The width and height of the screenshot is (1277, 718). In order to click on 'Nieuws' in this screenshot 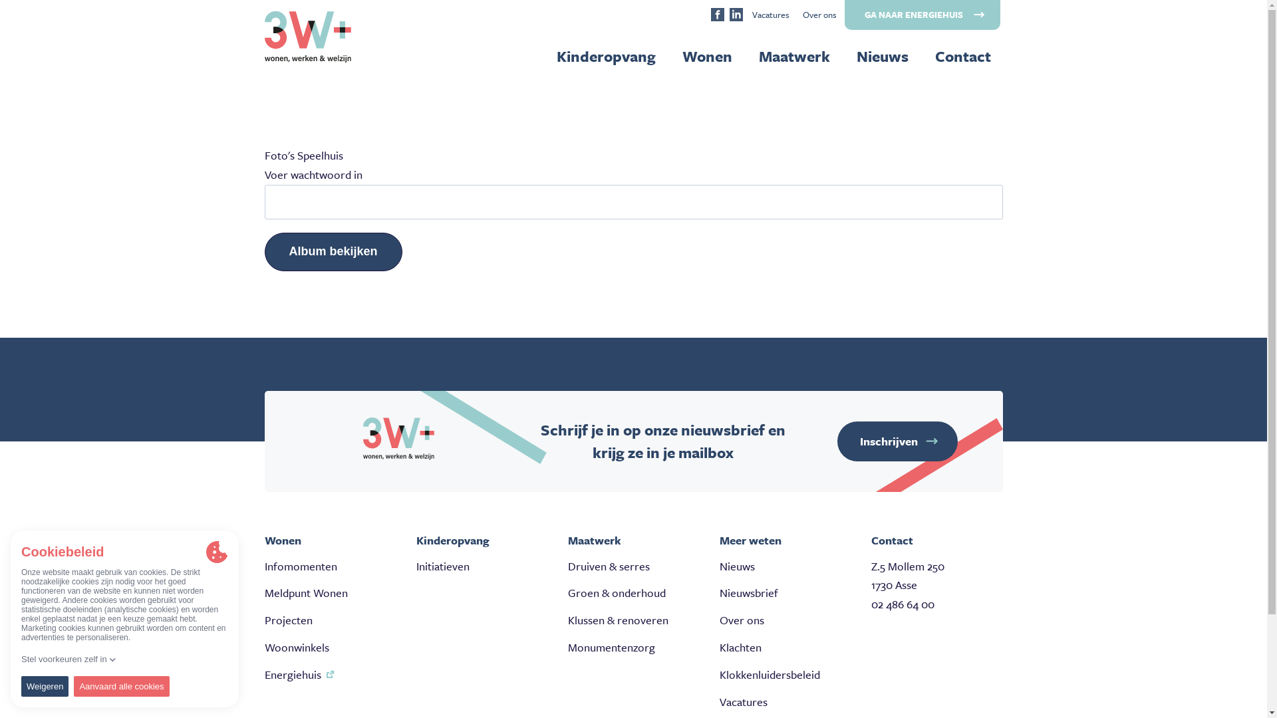, I will do `click(718, 566)`.